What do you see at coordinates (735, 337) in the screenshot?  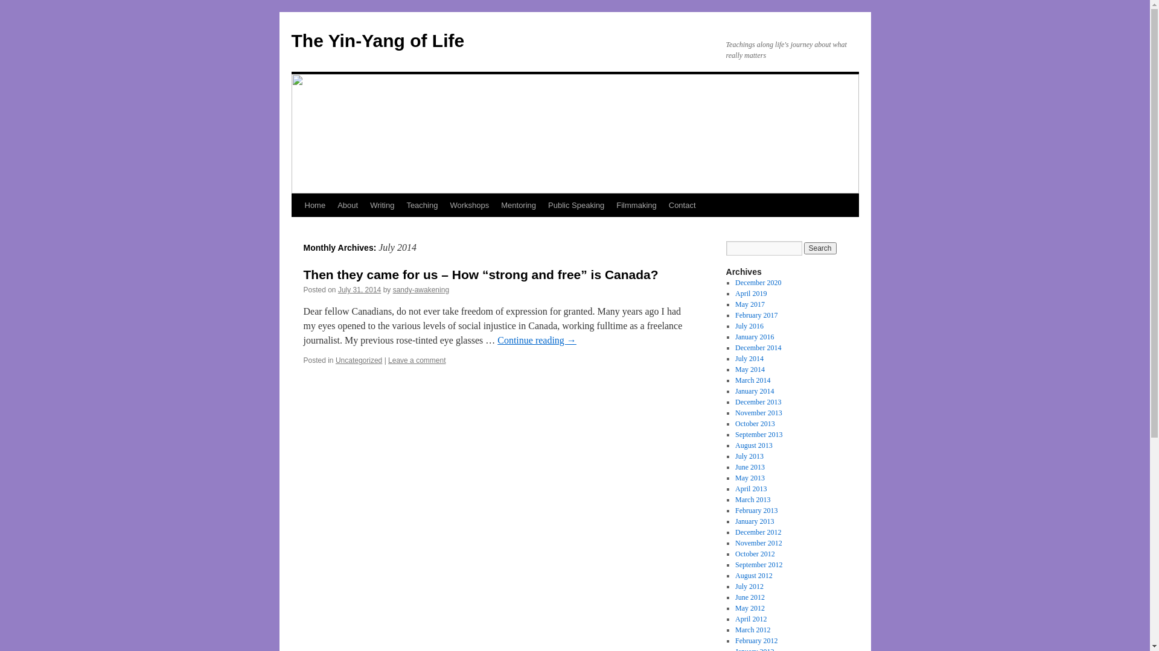 I see `'January 2016'` at bounding box center [735, 337].